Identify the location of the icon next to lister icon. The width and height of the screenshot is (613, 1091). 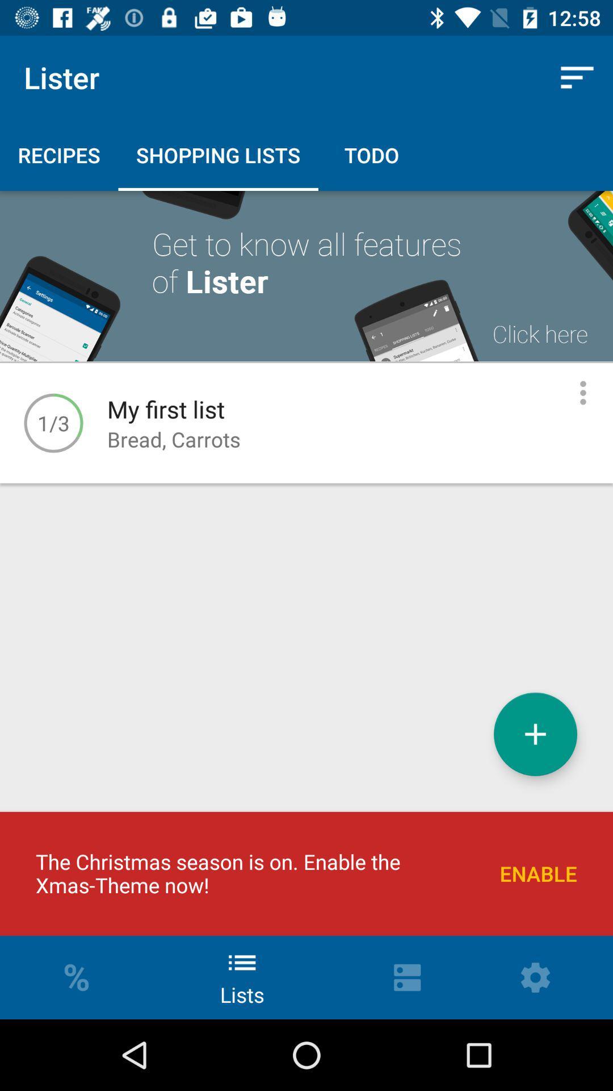
(577, 77).